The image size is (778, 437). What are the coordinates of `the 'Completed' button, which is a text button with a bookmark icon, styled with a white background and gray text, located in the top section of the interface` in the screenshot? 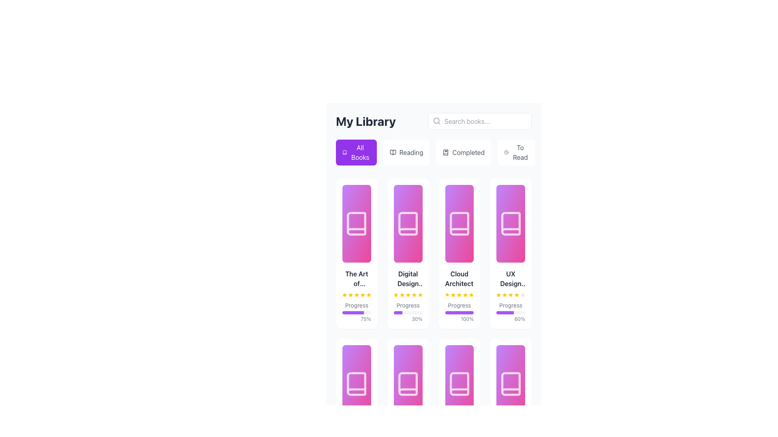 It's located at (464, 153).